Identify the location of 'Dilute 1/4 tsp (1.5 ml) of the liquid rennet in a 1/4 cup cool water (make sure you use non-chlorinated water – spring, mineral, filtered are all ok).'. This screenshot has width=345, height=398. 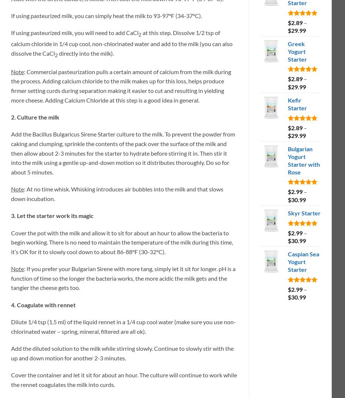
(11, 326).